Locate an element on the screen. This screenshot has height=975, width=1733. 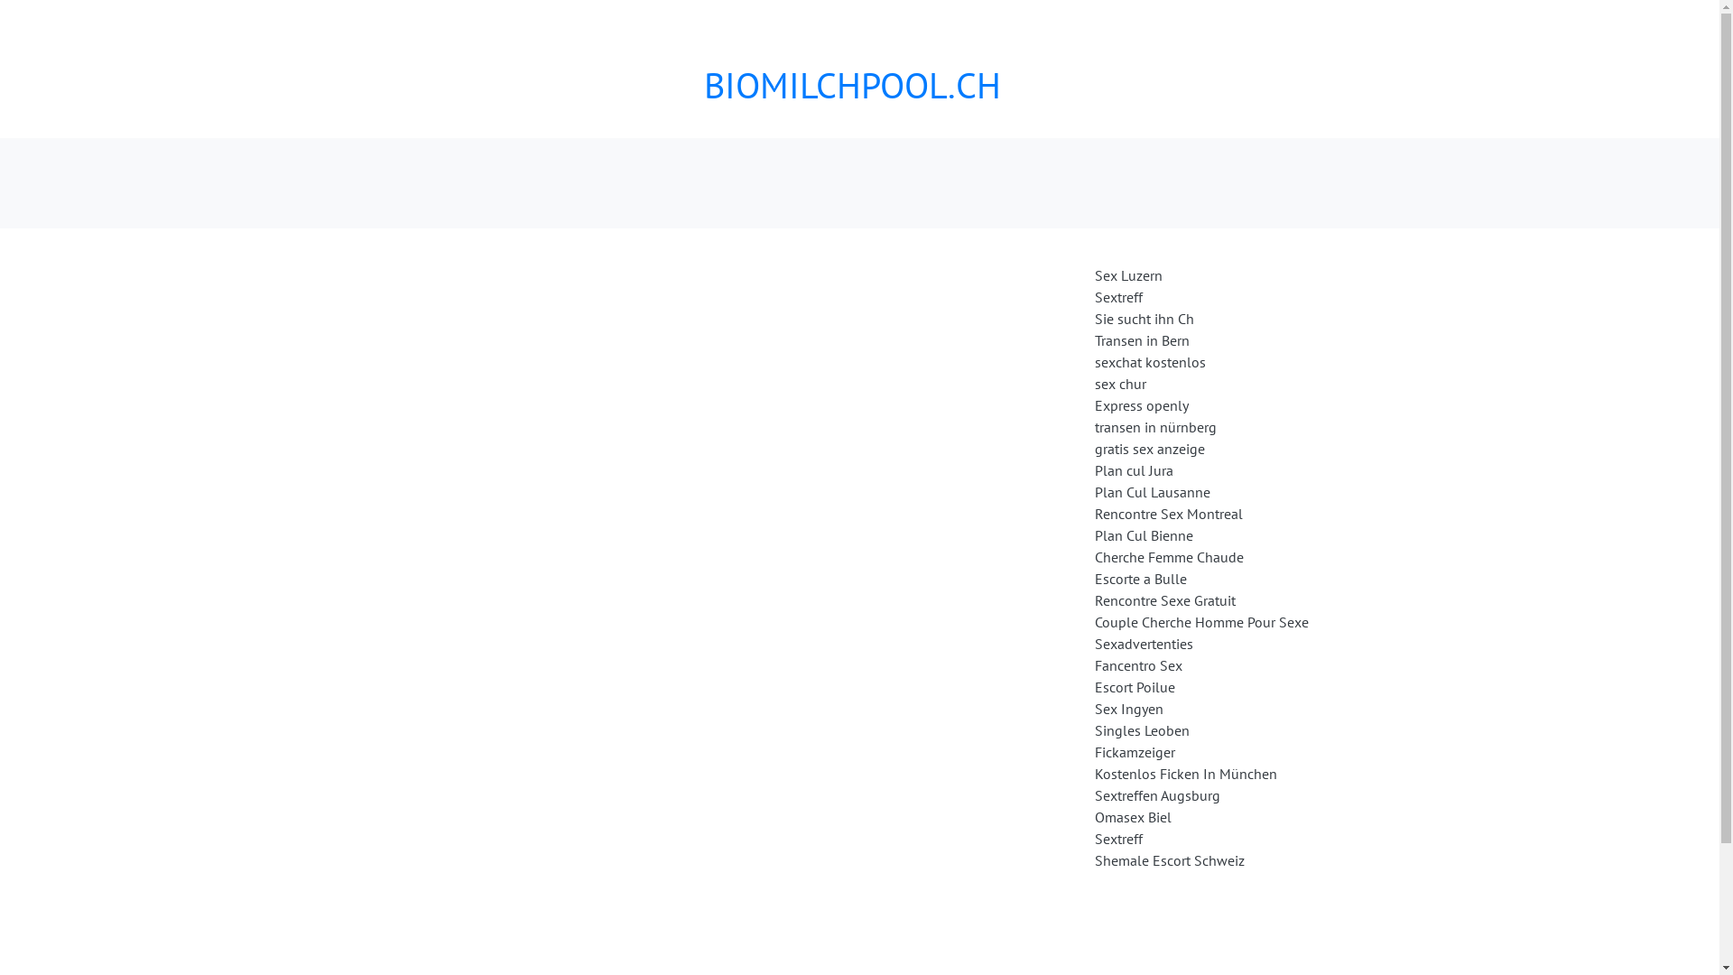
'Transen in Bern' is located at coordinates (1140, 340).